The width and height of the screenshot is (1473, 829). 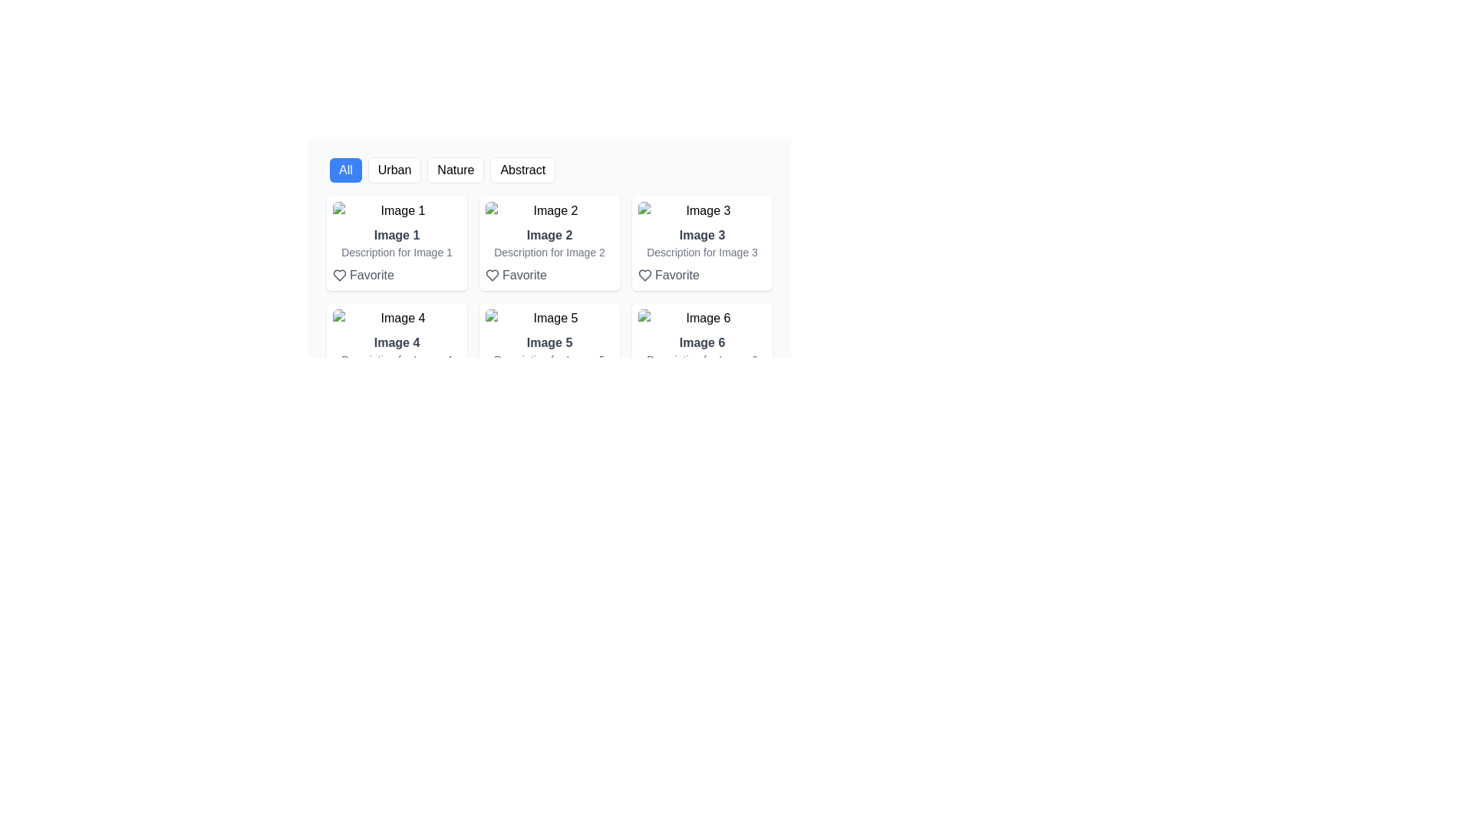 What do you see at coordinates (394, 170) in the screenshot?
I see `the 'Urban' category filter button, which is the second button in a horizontal row of four buttons at the top of the interface` at bounding box center [394, 170].